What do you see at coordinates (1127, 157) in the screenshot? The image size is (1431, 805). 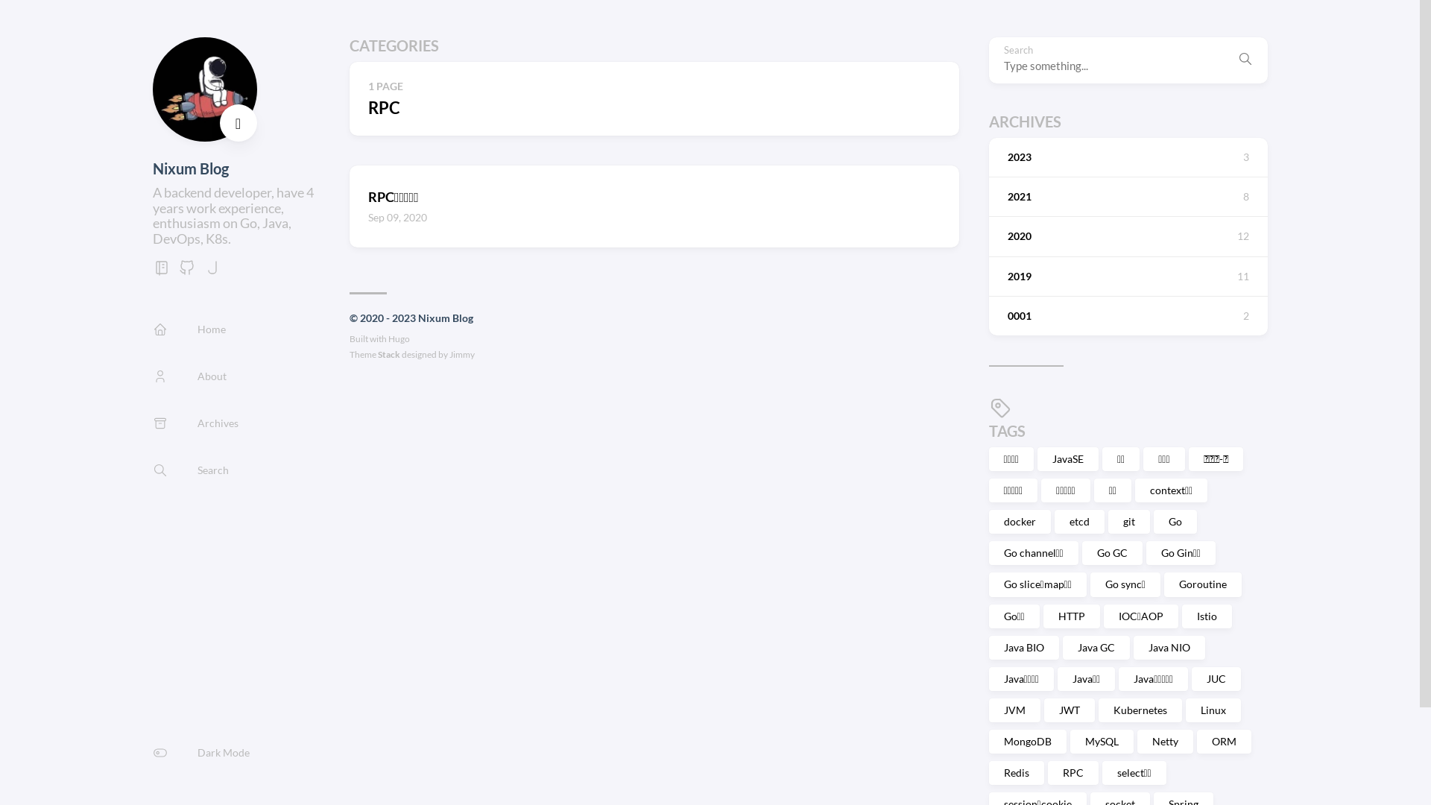 I see `'2023` at bounding box center [1127, 157].